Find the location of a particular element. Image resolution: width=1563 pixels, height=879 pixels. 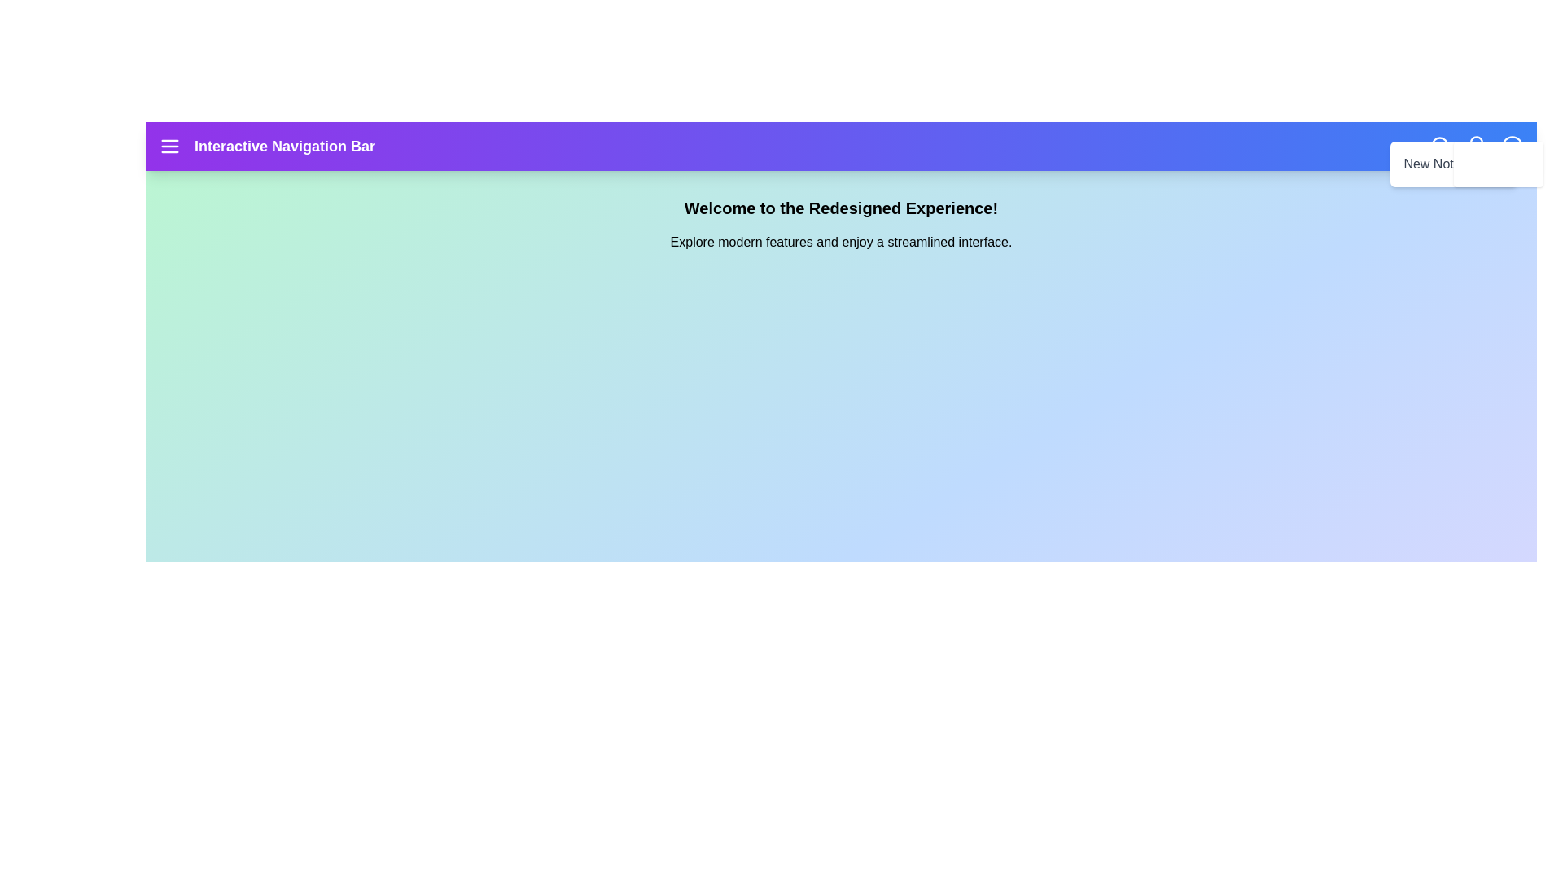

the navigation menu icon to toggle the menu is located at coordinates (170, 146).